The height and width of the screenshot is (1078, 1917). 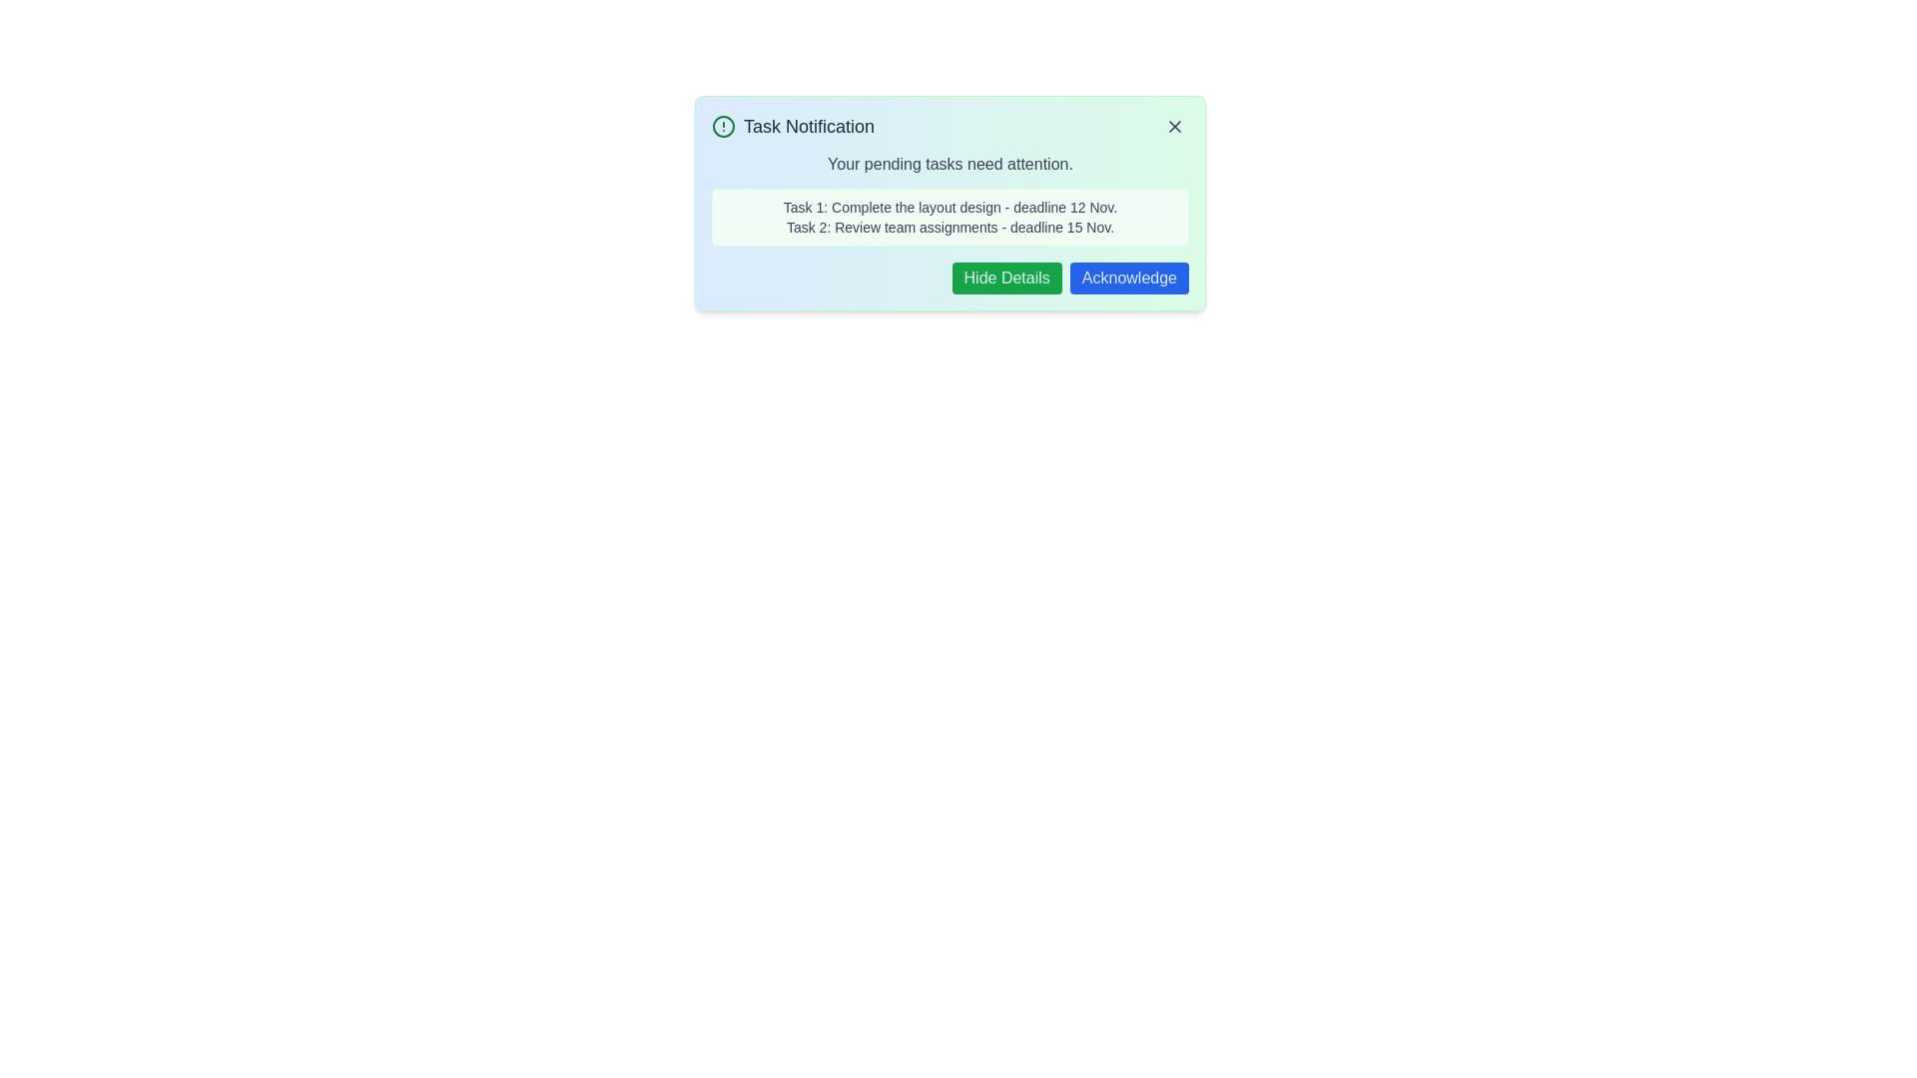 I want to click on the 'X' button to close the notification, so click(x=1174, y=127).